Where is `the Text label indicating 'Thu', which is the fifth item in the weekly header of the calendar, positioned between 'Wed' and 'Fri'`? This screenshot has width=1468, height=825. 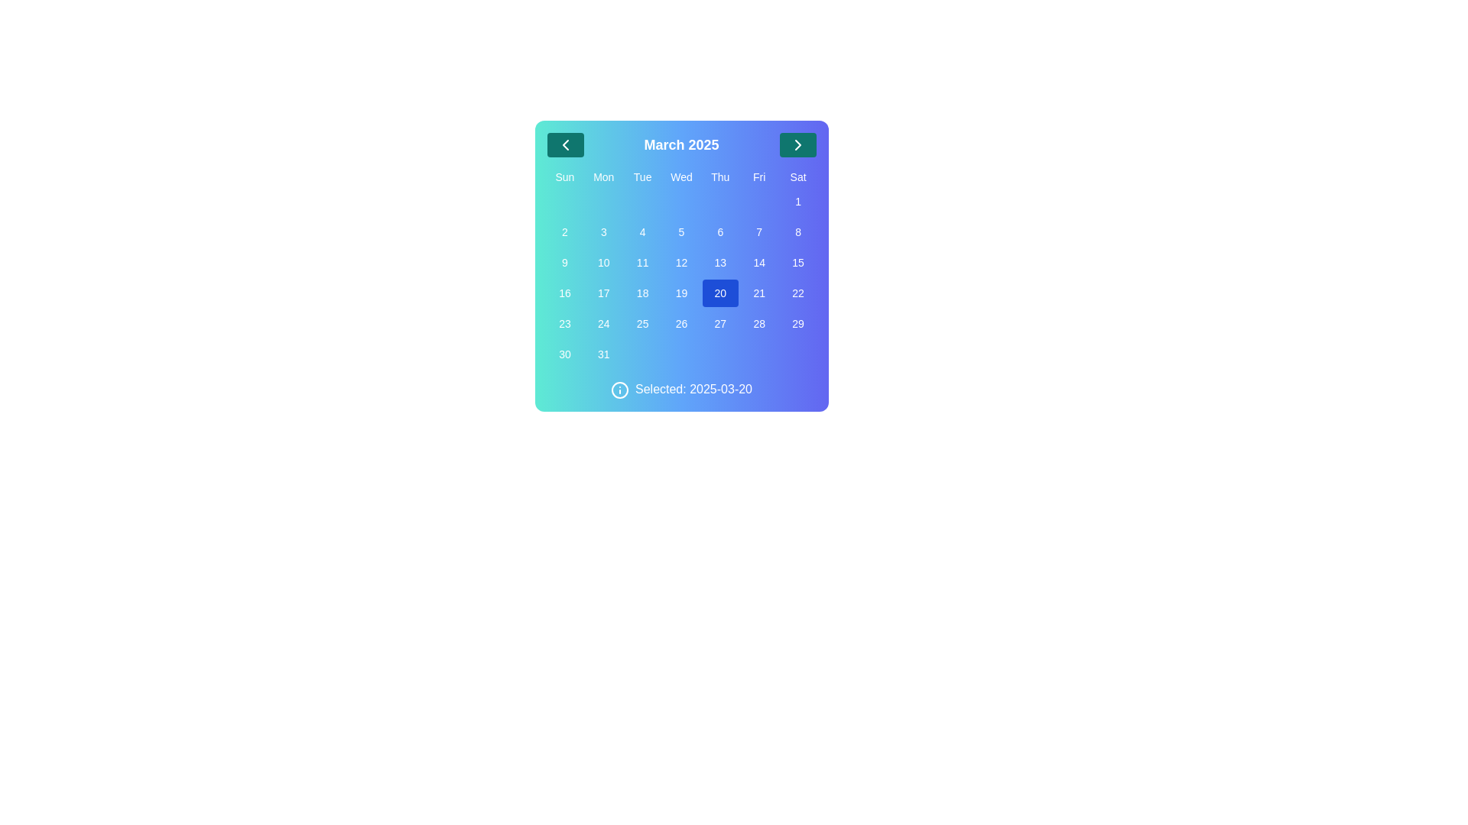
the Text label indicating 'Thu', which is the fifth item in the weekly header of the calendar, positioned between 'Wed' and 'Fri' is located at coordinates (719, 176).